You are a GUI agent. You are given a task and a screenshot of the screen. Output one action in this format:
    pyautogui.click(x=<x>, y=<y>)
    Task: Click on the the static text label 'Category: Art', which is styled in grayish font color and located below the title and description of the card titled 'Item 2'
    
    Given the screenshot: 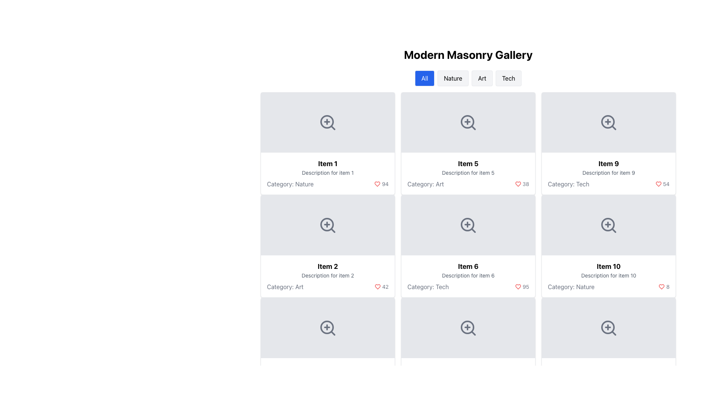 What is the action you would take?
    pyautogui.click(x=285, y=286)
    